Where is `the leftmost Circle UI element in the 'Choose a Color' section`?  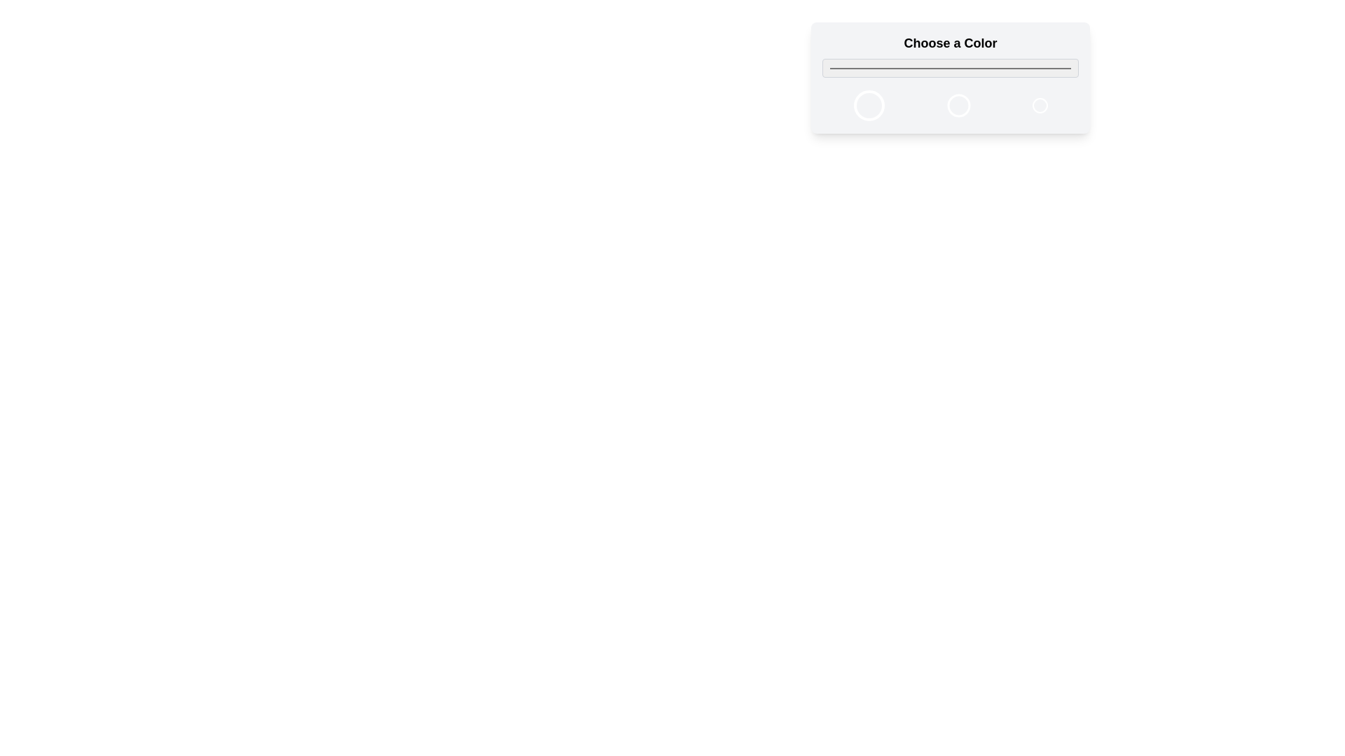 the leftmost Circle UI element in the 'Choose a Color' section is located at coordinates (869, 104).